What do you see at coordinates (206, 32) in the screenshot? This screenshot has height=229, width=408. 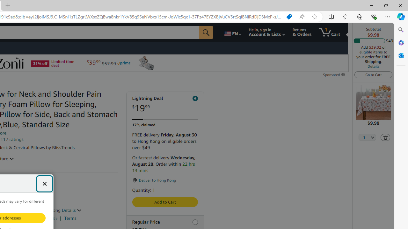 I see `'Go'` at bounding box center [206, 32].